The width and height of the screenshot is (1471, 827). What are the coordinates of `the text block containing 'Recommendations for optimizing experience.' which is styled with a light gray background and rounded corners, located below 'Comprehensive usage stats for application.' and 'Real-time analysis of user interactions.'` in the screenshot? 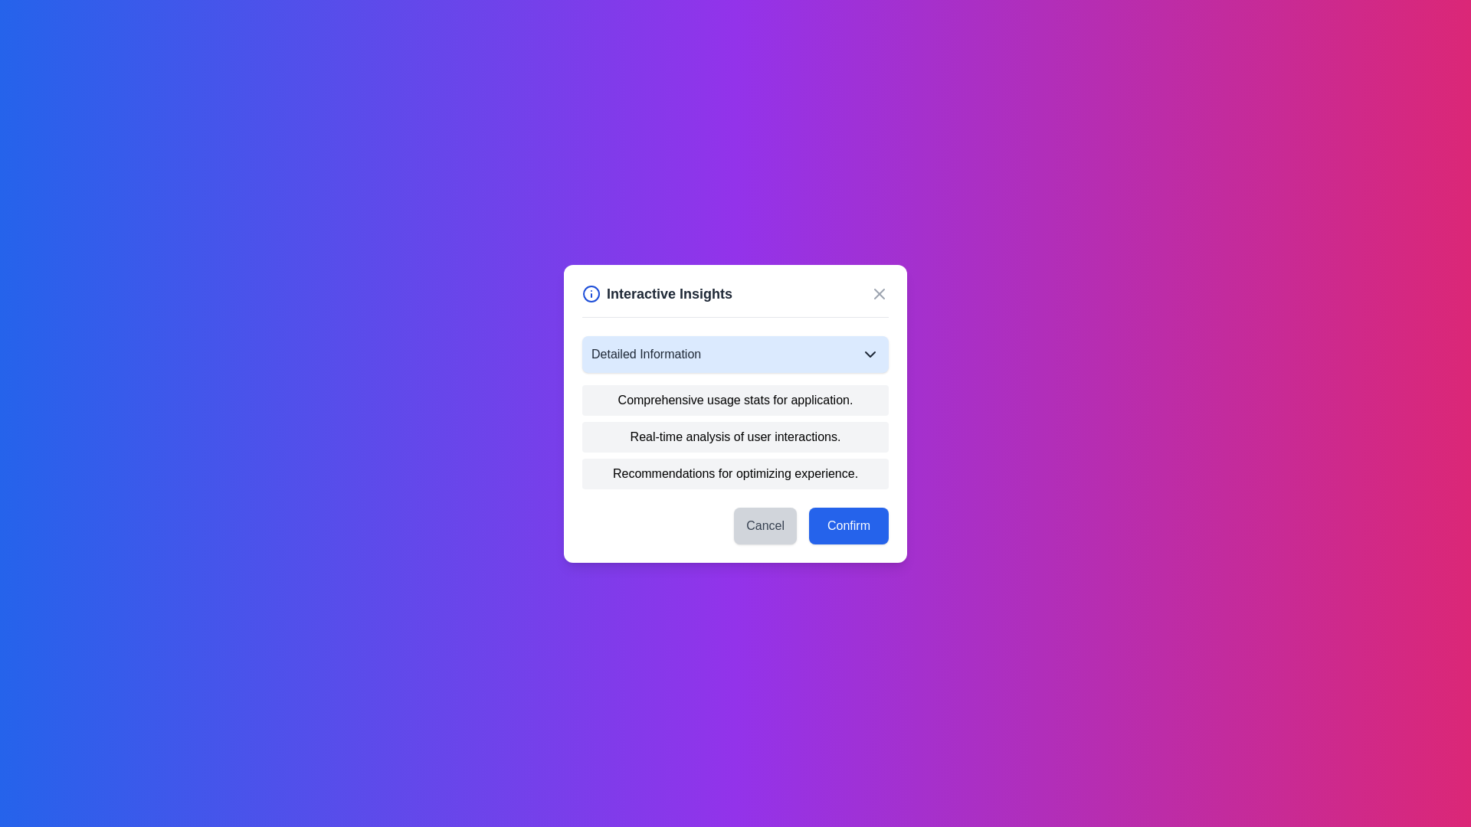 It's located at (735, 472).